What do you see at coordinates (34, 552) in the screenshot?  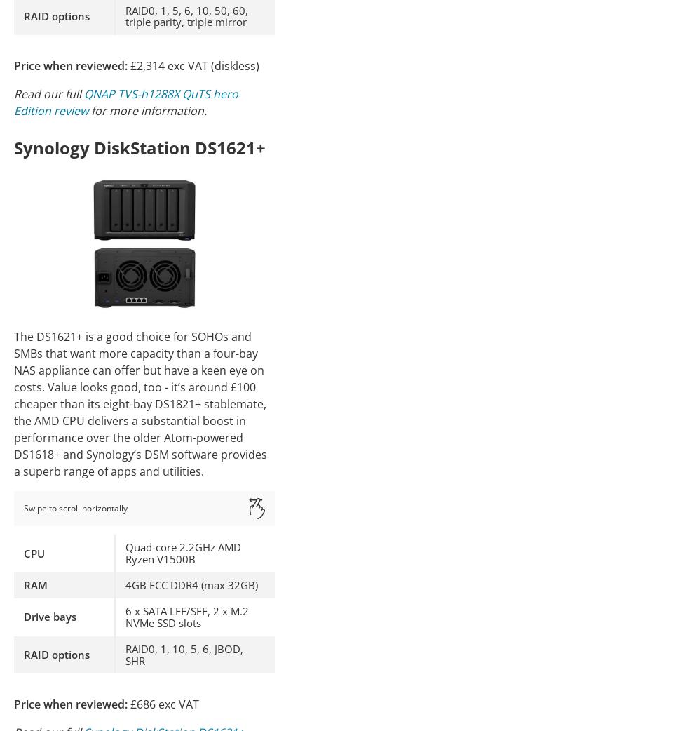 I see `'CPU'` at bounding box center [34, 552].